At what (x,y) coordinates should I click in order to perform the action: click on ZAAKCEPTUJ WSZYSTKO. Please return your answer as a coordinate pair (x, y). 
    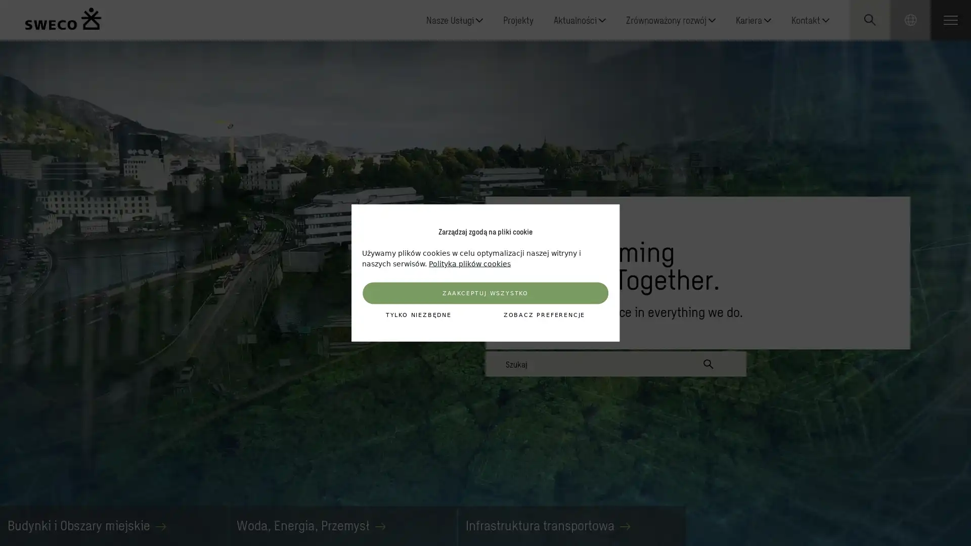
    Looking at the image, I should click on (484, 293).